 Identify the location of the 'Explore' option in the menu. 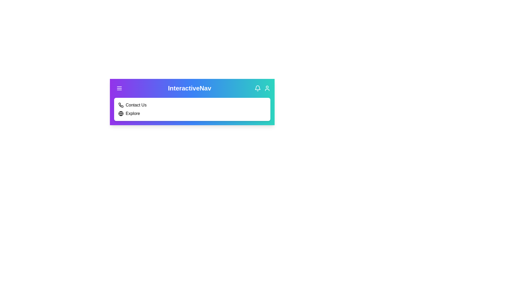
(133, 113).